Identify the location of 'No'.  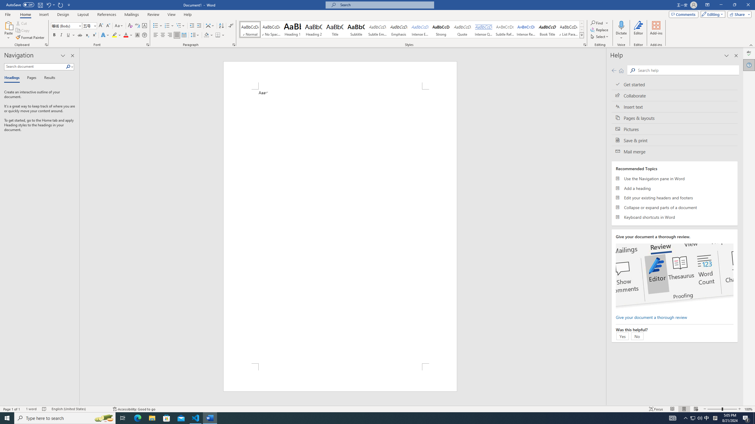
(637, 336).